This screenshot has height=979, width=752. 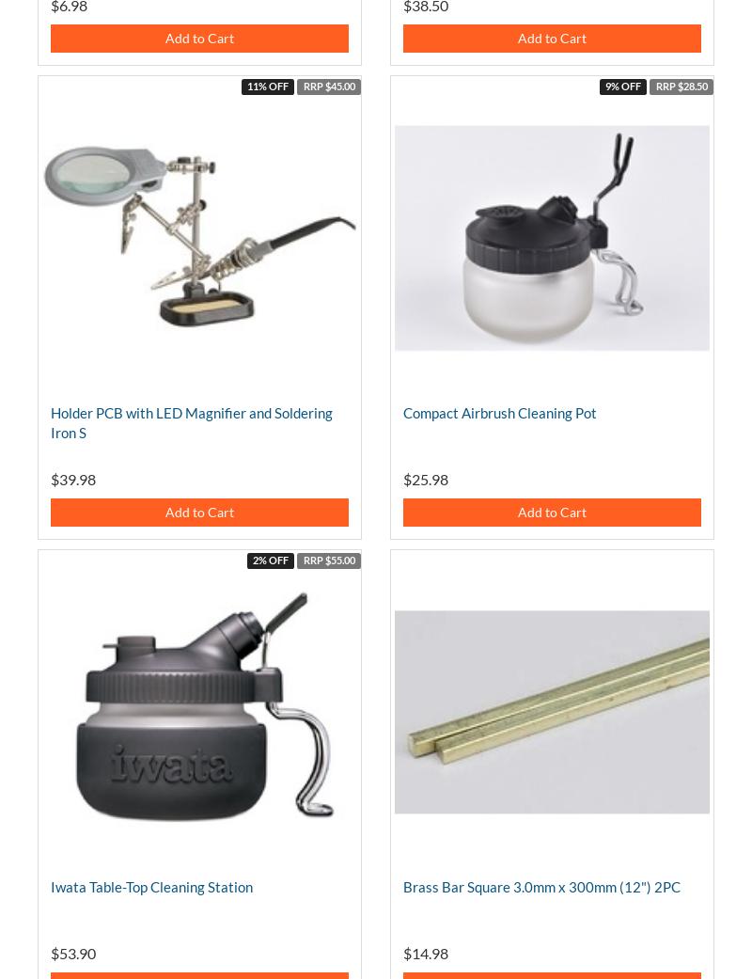 What do you see at coordinates (73, 477) in the screenshot?
I see `'$39.98'` at bounding box center [73, 477].